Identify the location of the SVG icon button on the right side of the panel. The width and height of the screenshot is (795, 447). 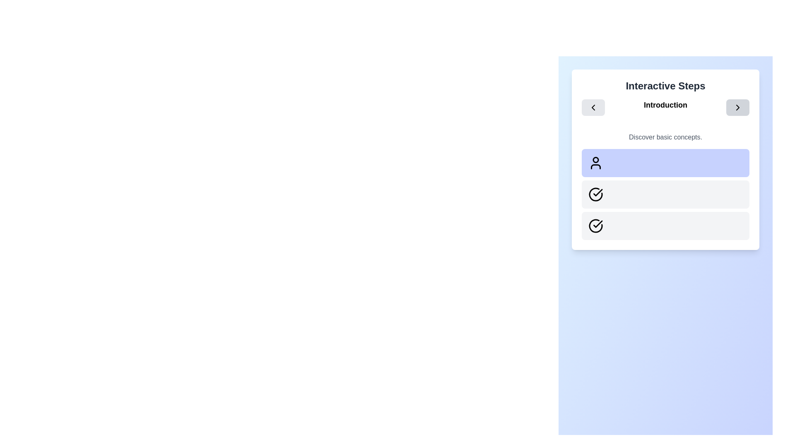
(737, 107).